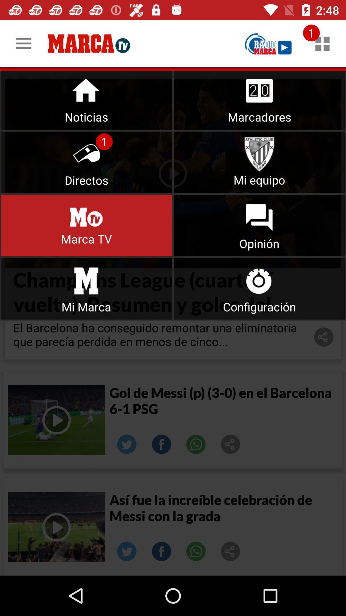  What do you see at coordinates (56, 420) in the screenshot?
I see `play video` at bounding box center [56, 420].